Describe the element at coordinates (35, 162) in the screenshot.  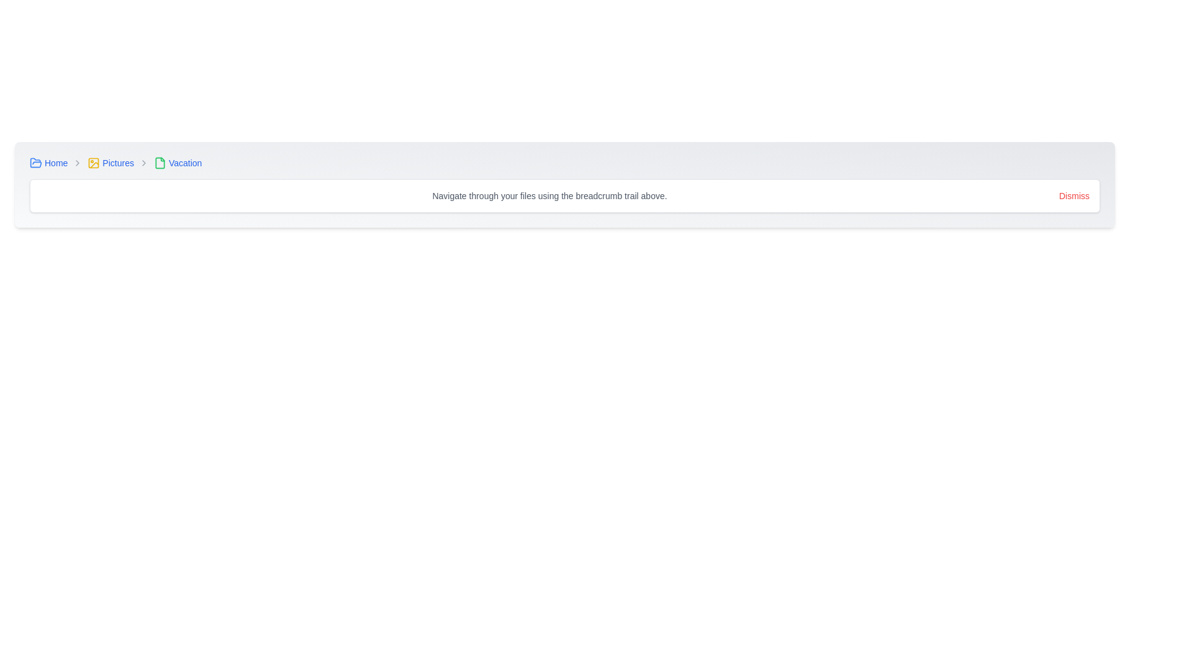
I see `the small, blue-colored folder icon with rounded edges in the breadcrumb navigation bar, located before the 'Home' label` at that location.